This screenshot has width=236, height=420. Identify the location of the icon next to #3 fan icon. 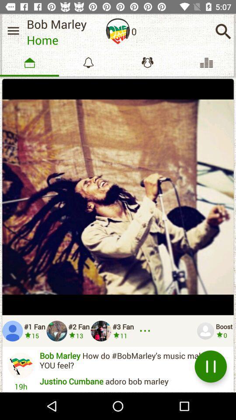
(146, 330).